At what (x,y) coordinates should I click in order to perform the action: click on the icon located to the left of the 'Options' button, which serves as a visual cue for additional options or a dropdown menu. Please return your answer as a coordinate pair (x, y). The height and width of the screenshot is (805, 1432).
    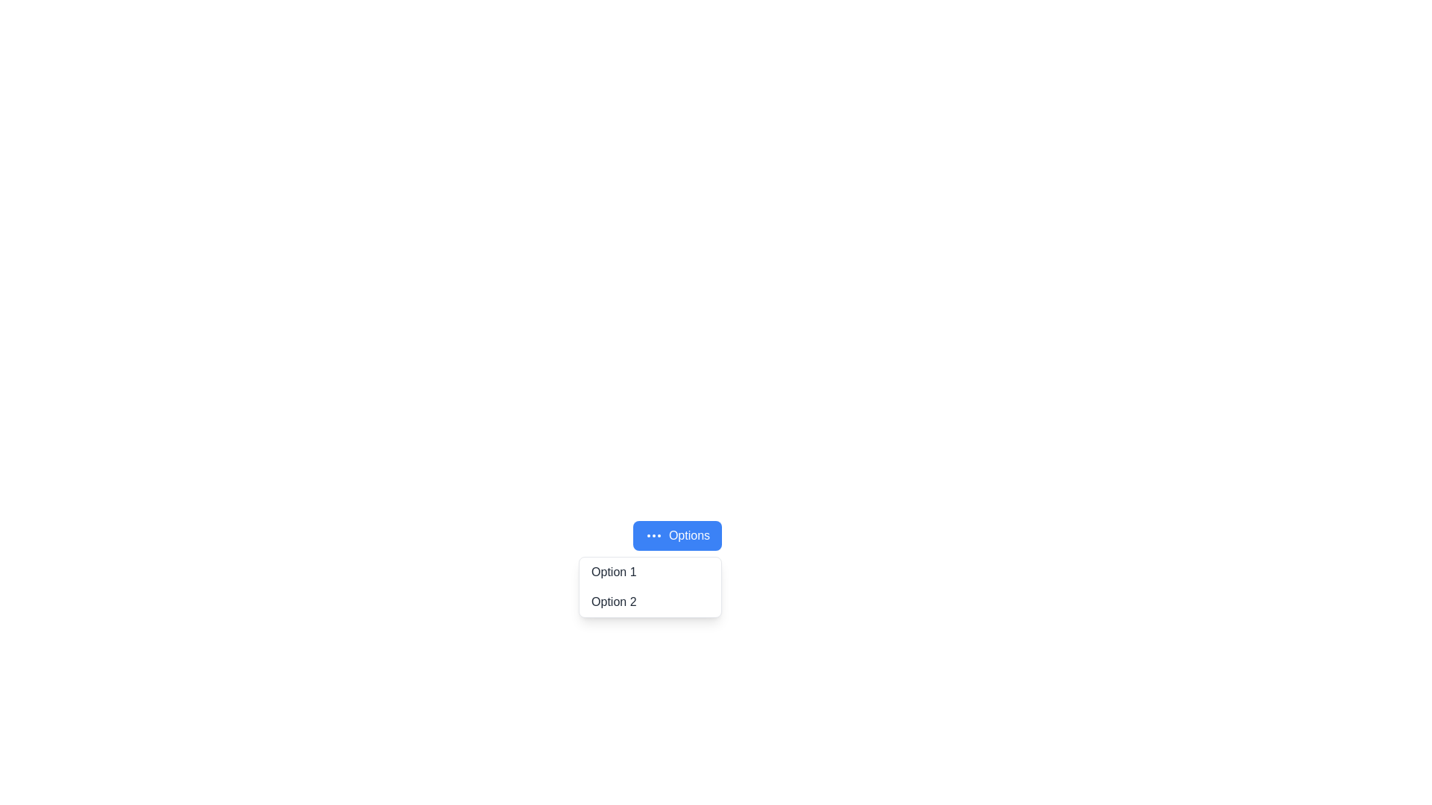
    Looking at the image, I should click on (653, 534).